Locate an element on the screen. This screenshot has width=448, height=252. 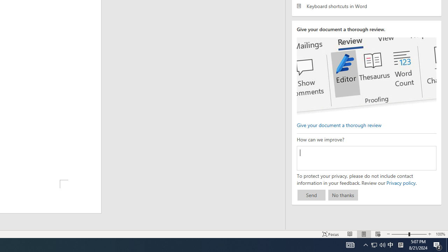
'Web Layout' is located at coordinates (377, 234).